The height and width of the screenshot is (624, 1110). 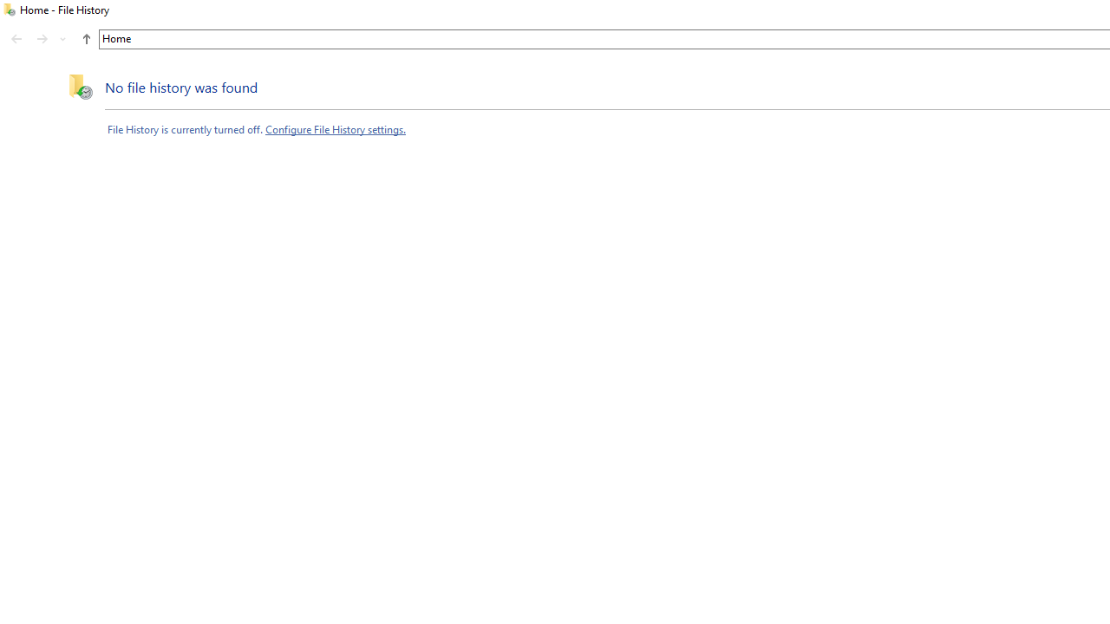 I want to click on 'Up one level (Alt + Up Arrow)', so click(x=85, y=39).